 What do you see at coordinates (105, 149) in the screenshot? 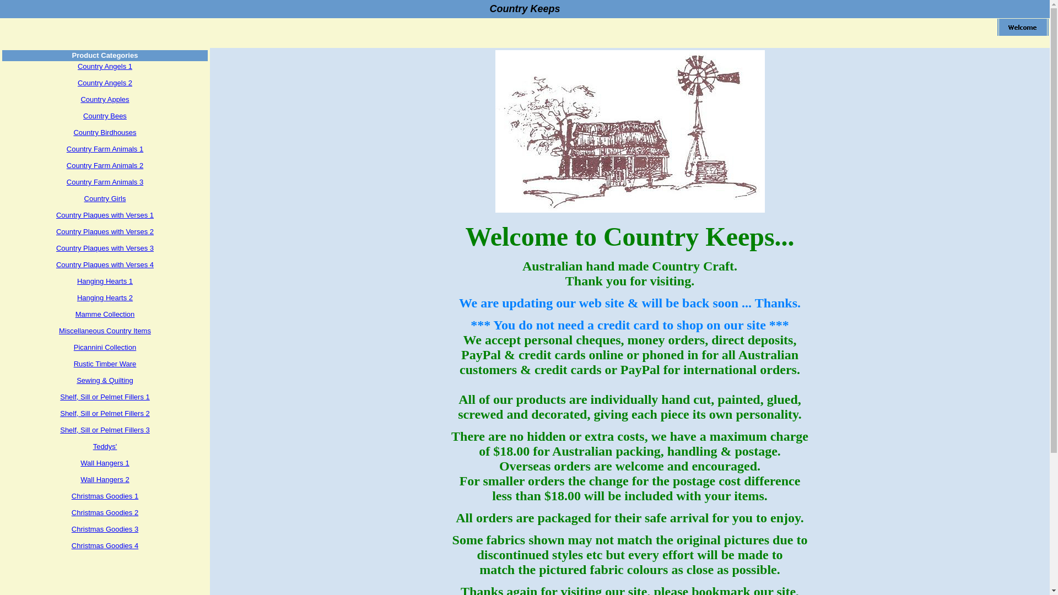
I see `'Country Farm Animals 1'` at bounding box center [105, 149].